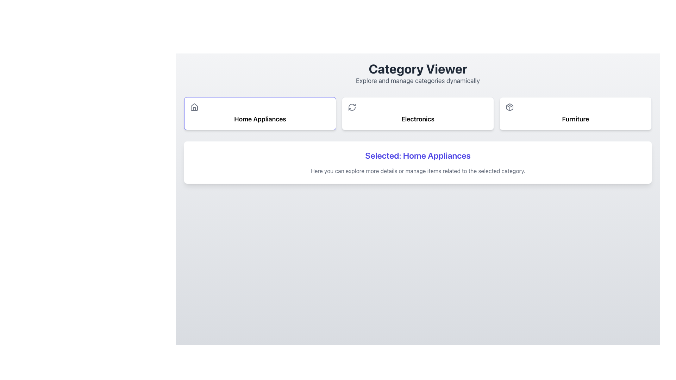  Describe the element at coordinates (260, 113) in the screenshot. I see `the 'Home Appliances' button, which is the first button in a group of three` at that location.